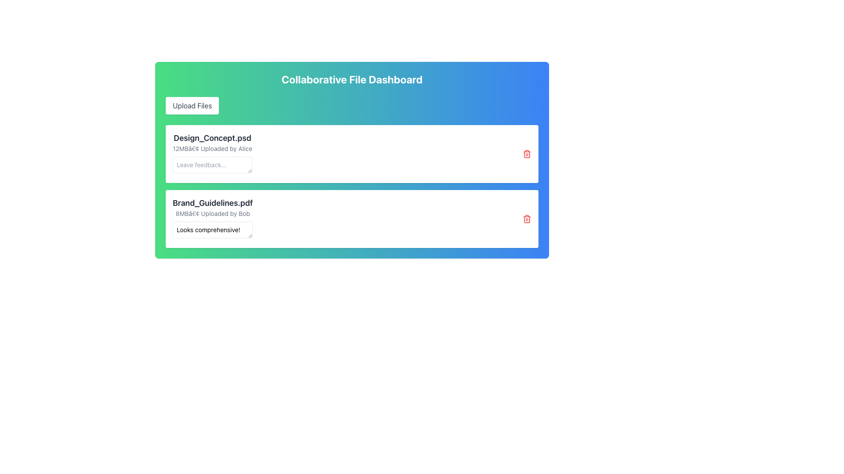  Describe the element at coordinates (212, 165) in the screenshot. I see `the text input field located below the title 'Design_Concept.psd' to focus and begin typing feedback or comments` at that location.